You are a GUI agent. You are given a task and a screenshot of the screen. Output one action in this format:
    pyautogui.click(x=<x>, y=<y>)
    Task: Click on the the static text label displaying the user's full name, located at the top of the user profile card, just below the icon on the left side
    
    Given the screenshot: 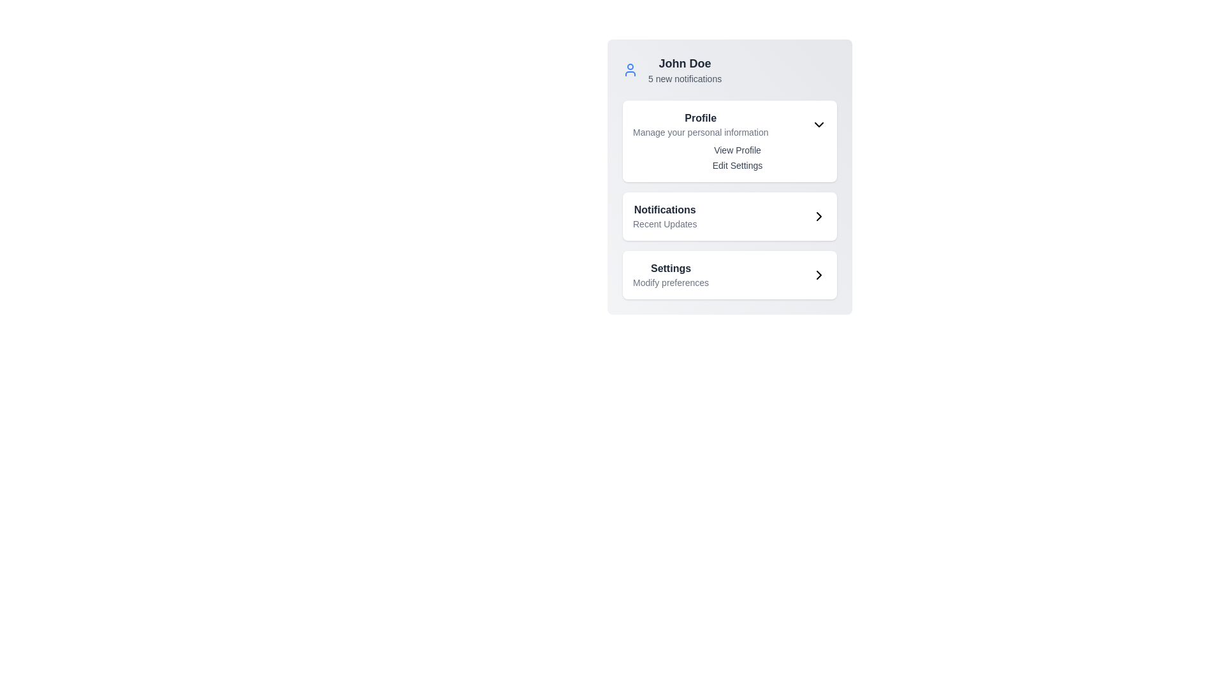 What is the action you would take?
    pyautogui.click(x=684, y=64)
    